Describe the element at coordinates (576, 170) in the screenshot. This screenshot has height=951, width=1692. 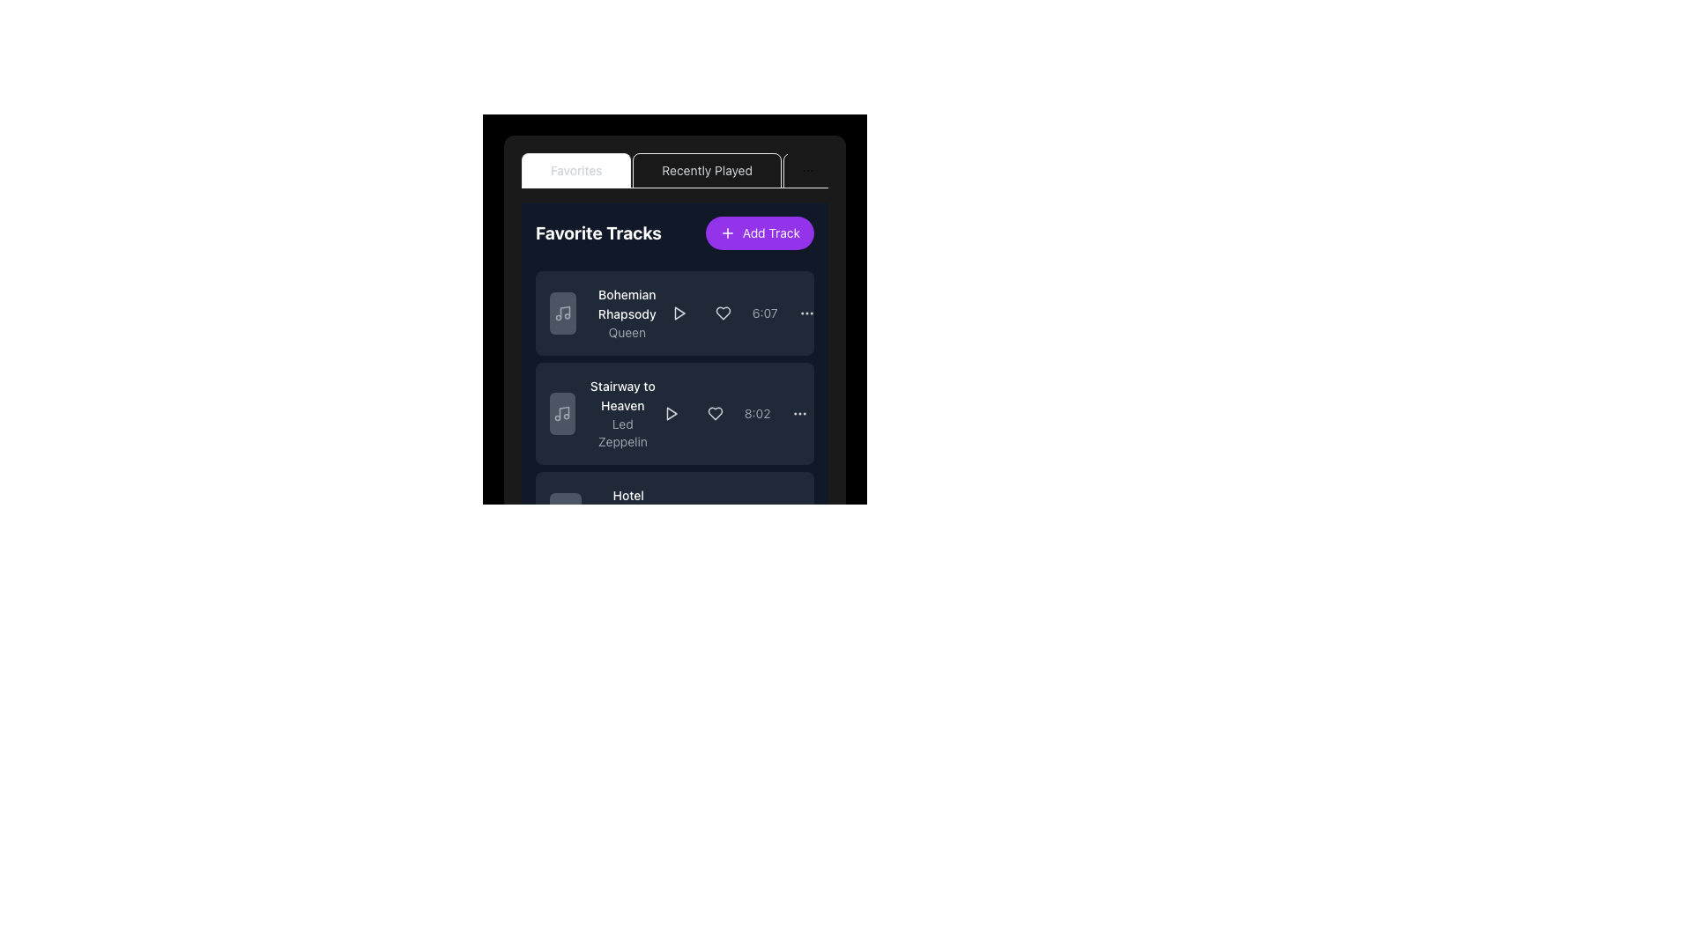
I see `the active 'Favorites' tab, which is the first tab in the row at the top of the content area` at that location.